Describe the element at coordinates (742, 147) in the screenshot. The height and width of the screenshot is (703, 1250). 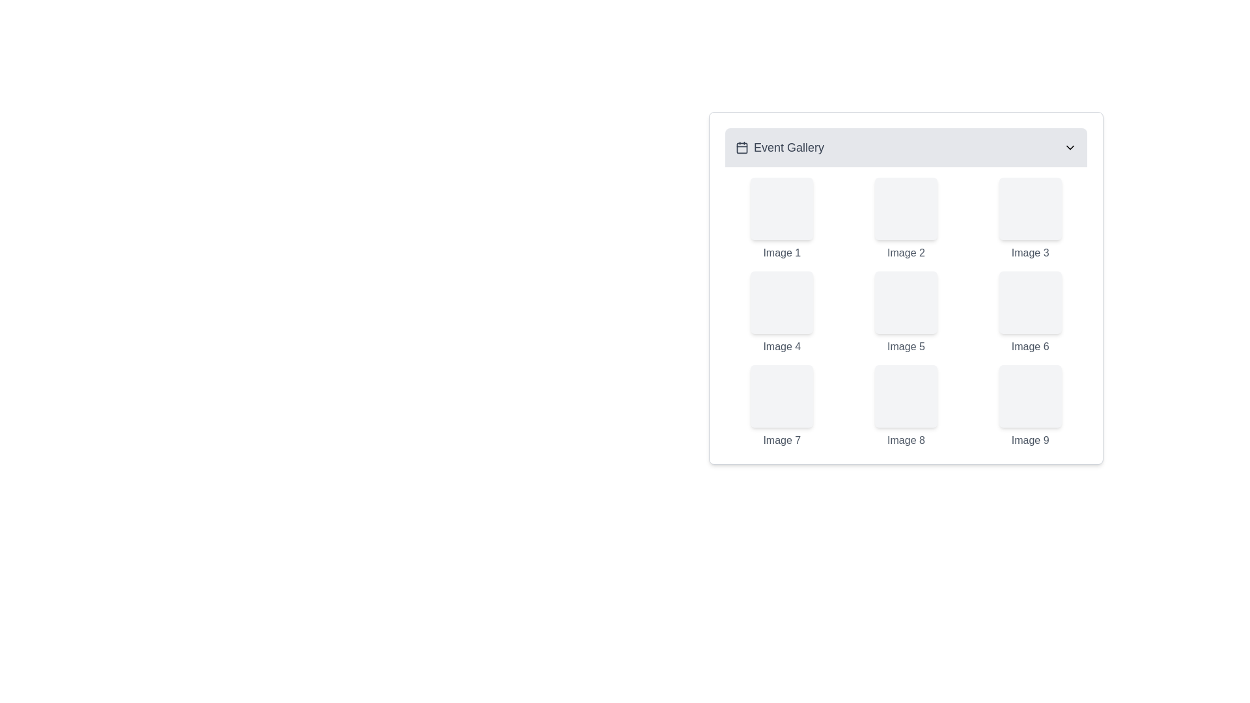
I see `the calendar icon located to the left of the text 'Event Gallery', which has a minimalistic and modern rectangular design with a date grid suggestion` at that location.